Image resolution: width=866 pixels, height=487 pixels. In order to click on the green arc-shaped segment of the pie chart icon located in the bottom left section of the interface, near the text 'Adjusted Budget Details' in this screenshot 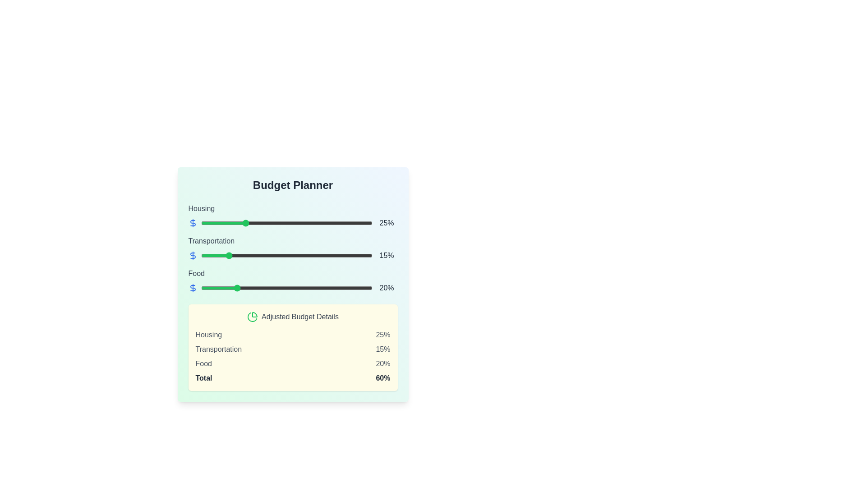, I will do `click(252, 317)`.